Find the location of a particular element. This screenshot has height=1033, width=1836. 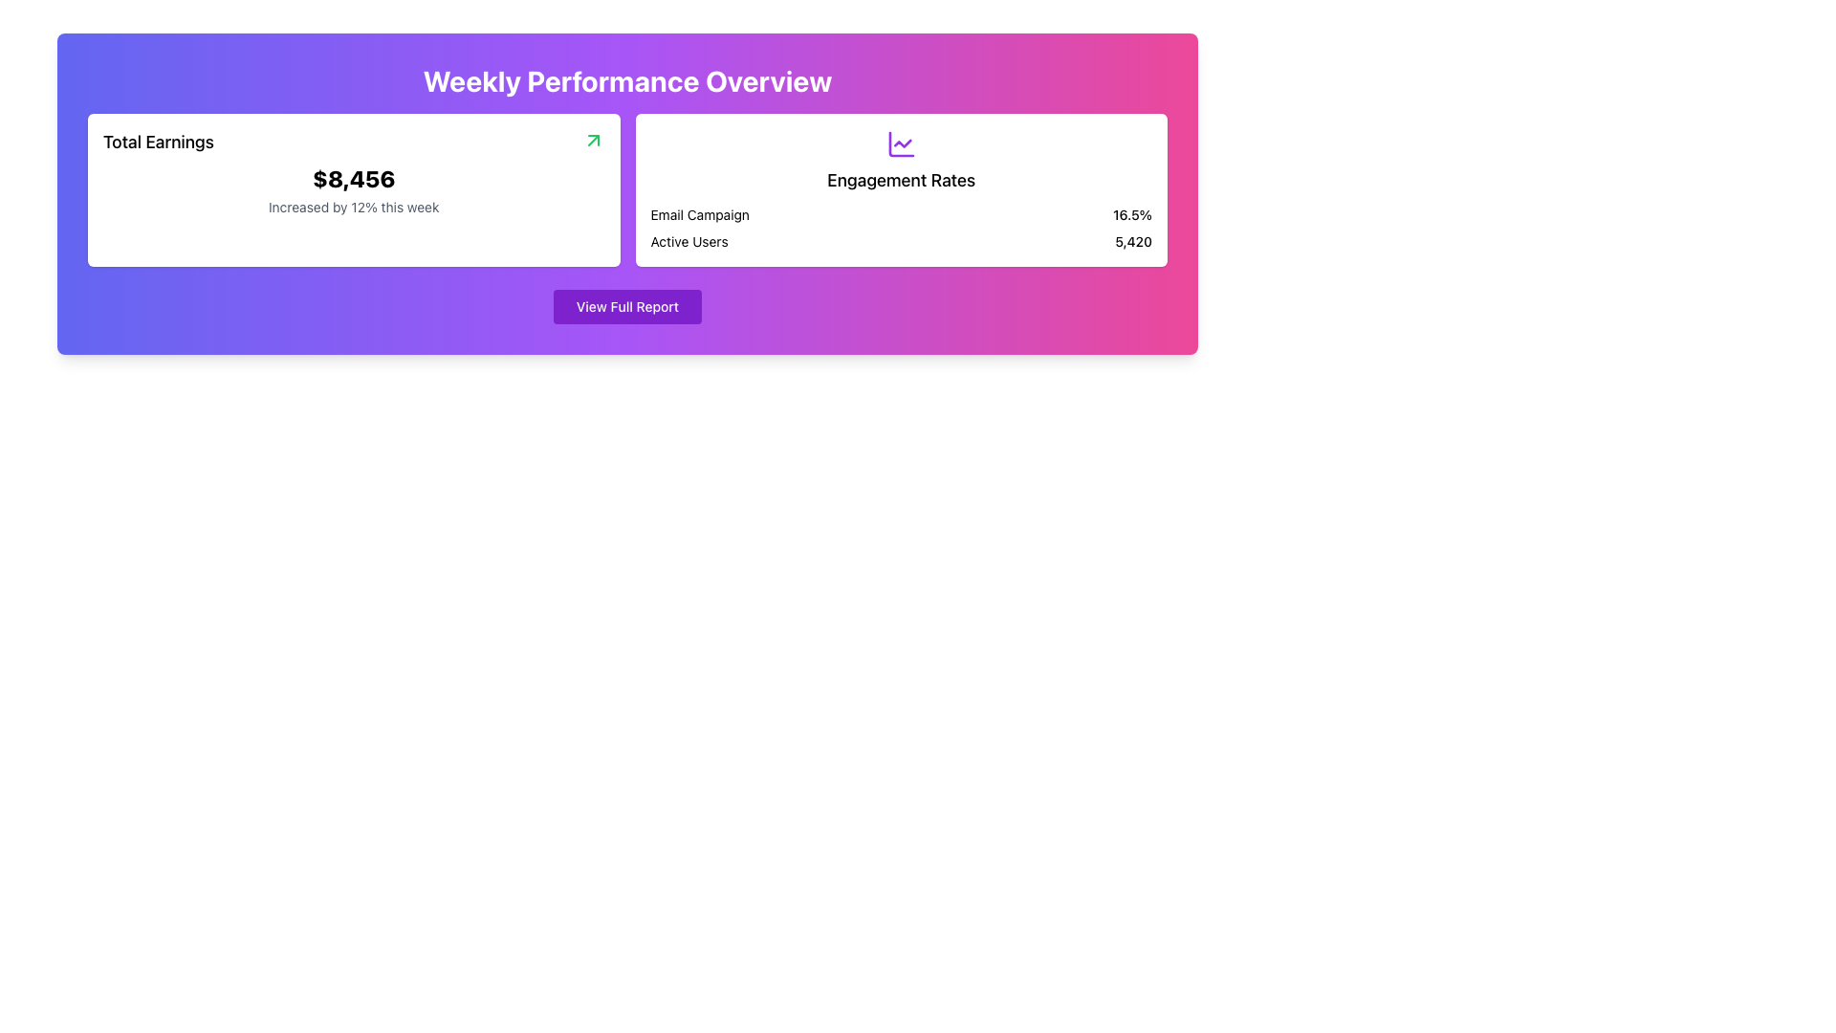

the Text label displaying '16.5%' which is located in the 'Engagement Rates' section, aligned to the right of 'Email Campaign' is located at coordinates (1132, 214).